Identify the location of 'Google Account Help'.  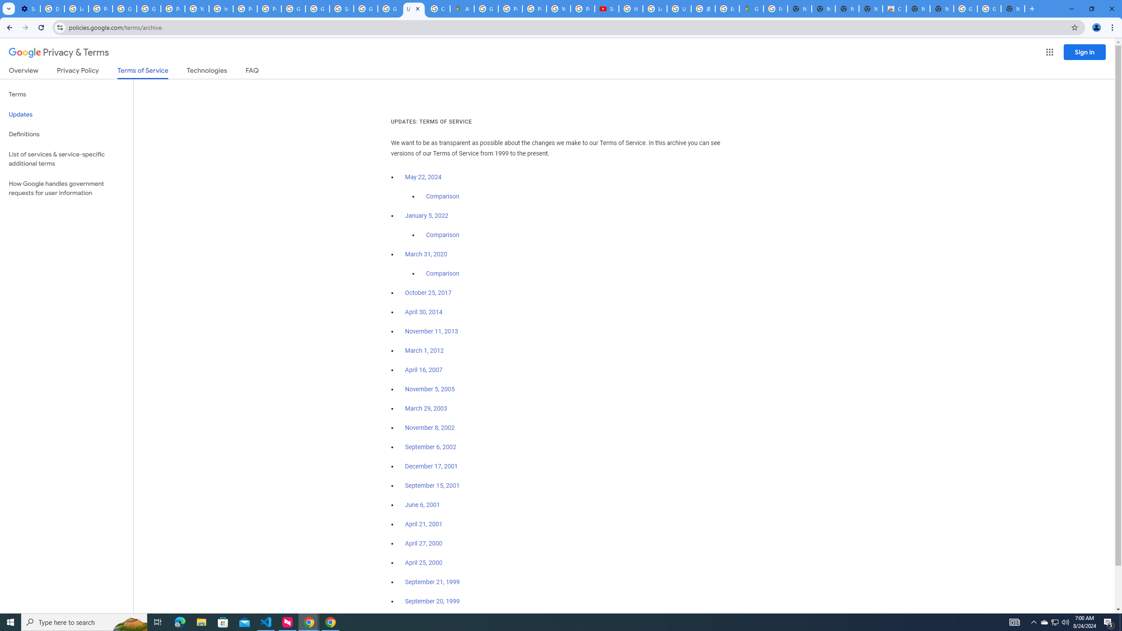
(148, 8).